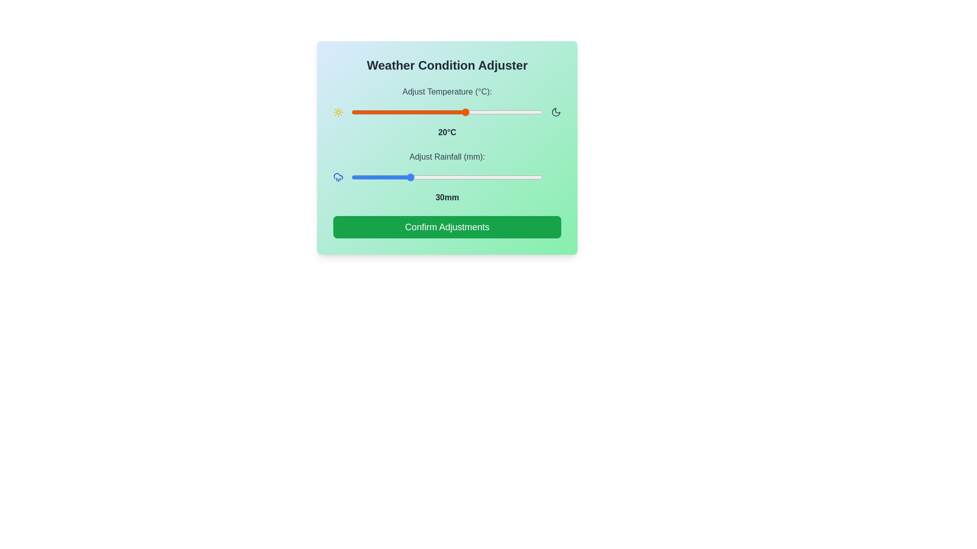 The width and height of the screenshot is (977, 549). Describe the element at coordinates (413, 112) in the screenshot. I see `the temperature to 6°C using the slider` at that location.